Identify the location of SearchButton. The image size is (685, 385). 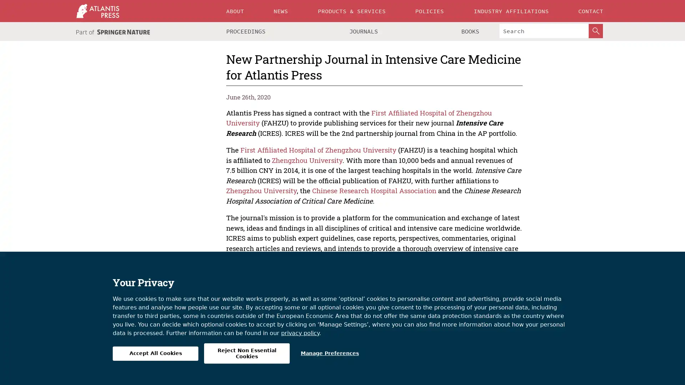
(596, 31).